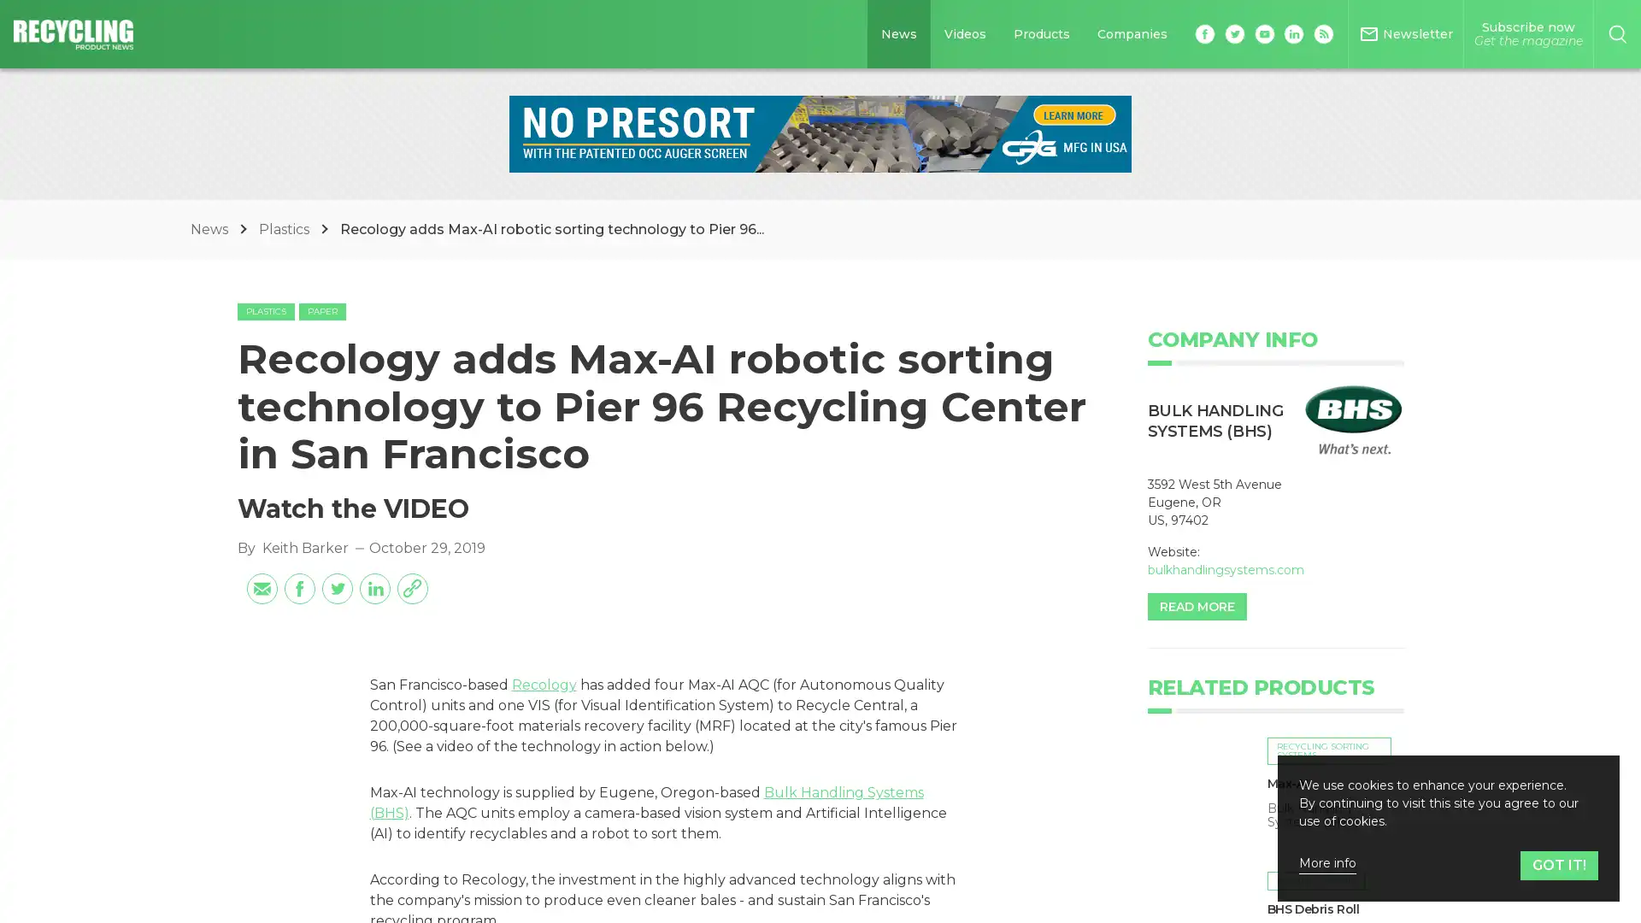 Image resolution: width=1641 pixels, height=923 pixels. I want to click on GOT IT!, so click(1559, 865).